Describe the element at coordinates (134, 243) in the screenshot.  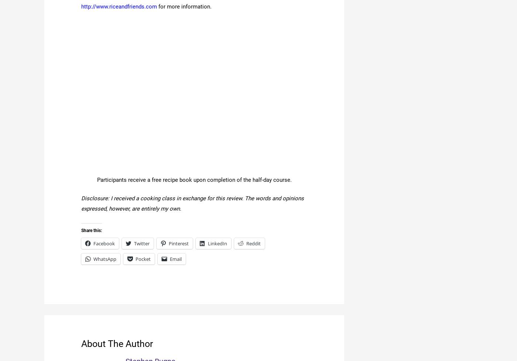
I see `'Twitter'` at that location.